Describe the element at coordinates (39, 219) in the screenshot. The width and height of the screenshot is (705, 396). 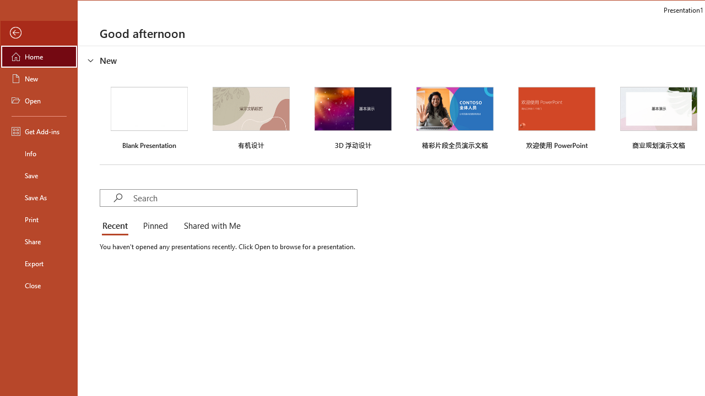
I see `'Print'` at that location.